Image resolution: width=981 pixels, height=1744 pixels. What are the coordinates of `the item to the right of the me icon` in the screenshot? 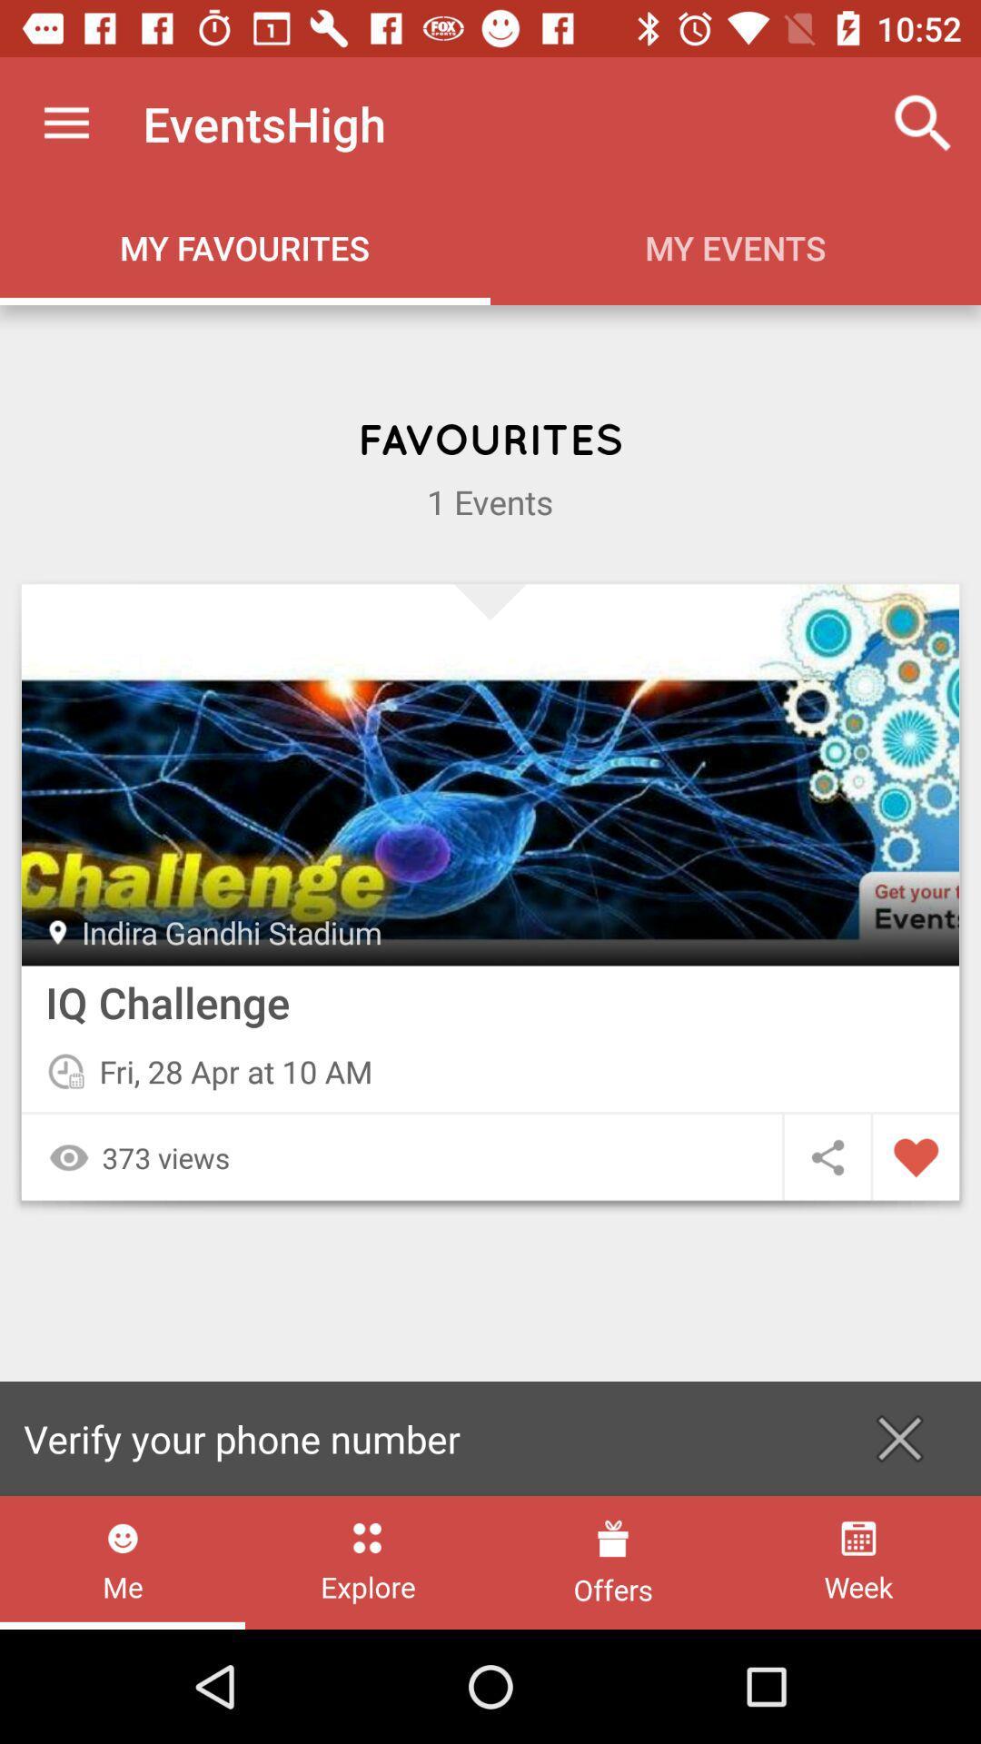 It's located at (368, 1561).